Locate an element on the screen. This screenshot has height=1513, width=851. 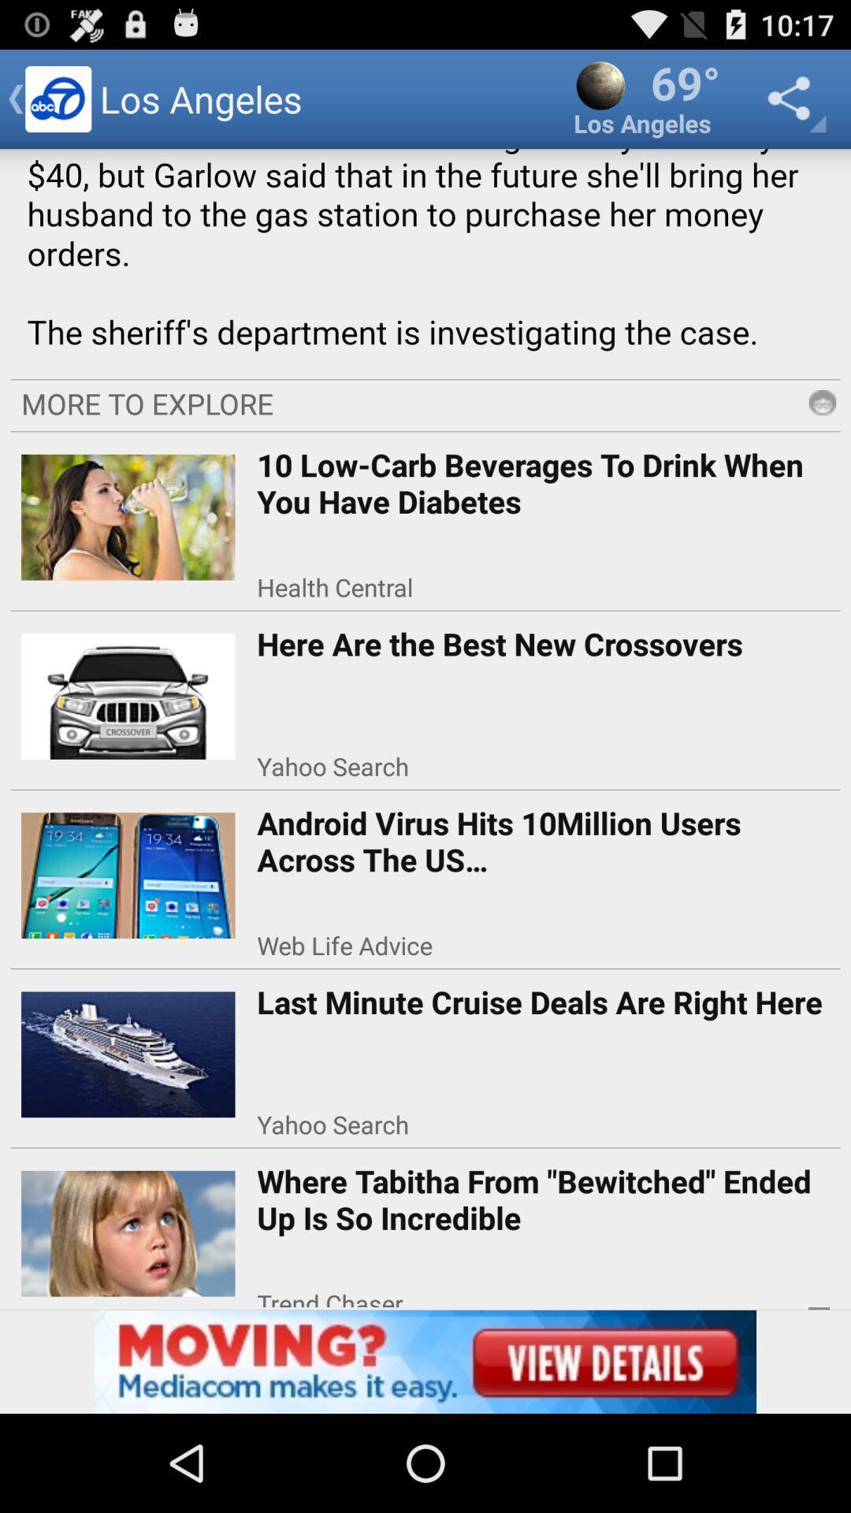
opens the advertisement is located at coordinates (425, 1361).